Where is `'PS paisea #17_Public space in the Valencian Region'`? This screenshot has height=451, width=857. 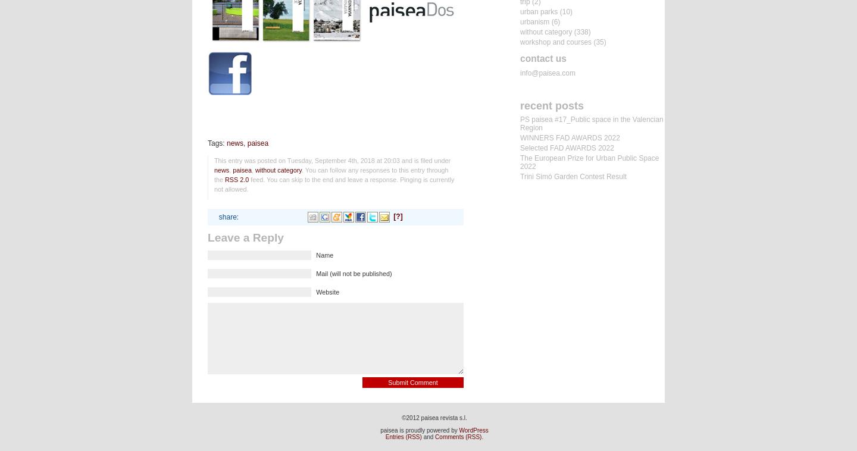 'PS paisea #17_Public space in the Valencian Region' is located at coordinates (591, 123).